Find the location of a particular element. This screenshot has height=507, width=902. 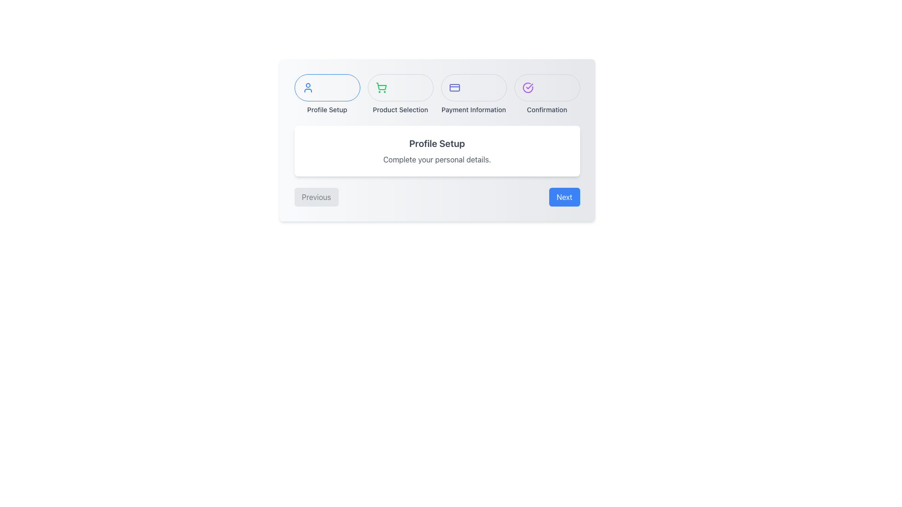

the 'Product Selection' label, which is located below the shopping cart icon and between 'Profile Setup' and 'Payment Information' in the multi-step navigation component is located at coordinates (400, 109).